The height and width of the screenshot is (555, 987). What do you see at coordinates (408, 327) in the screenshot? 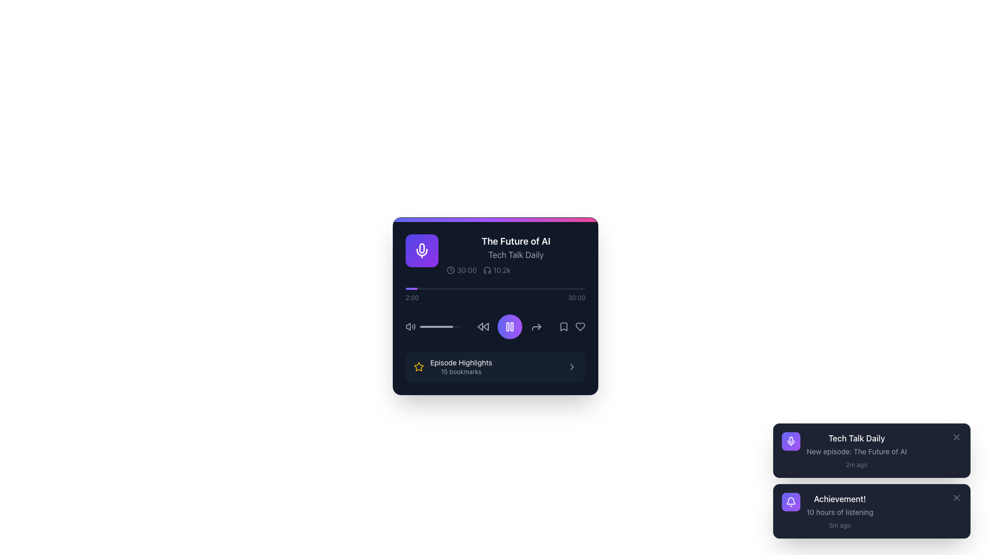
I see `the leftmost vector graphic element resembling a speaker or audio control, styled in a dark color, located in the audio control section of the player interface` at bounding box center [408, 327].